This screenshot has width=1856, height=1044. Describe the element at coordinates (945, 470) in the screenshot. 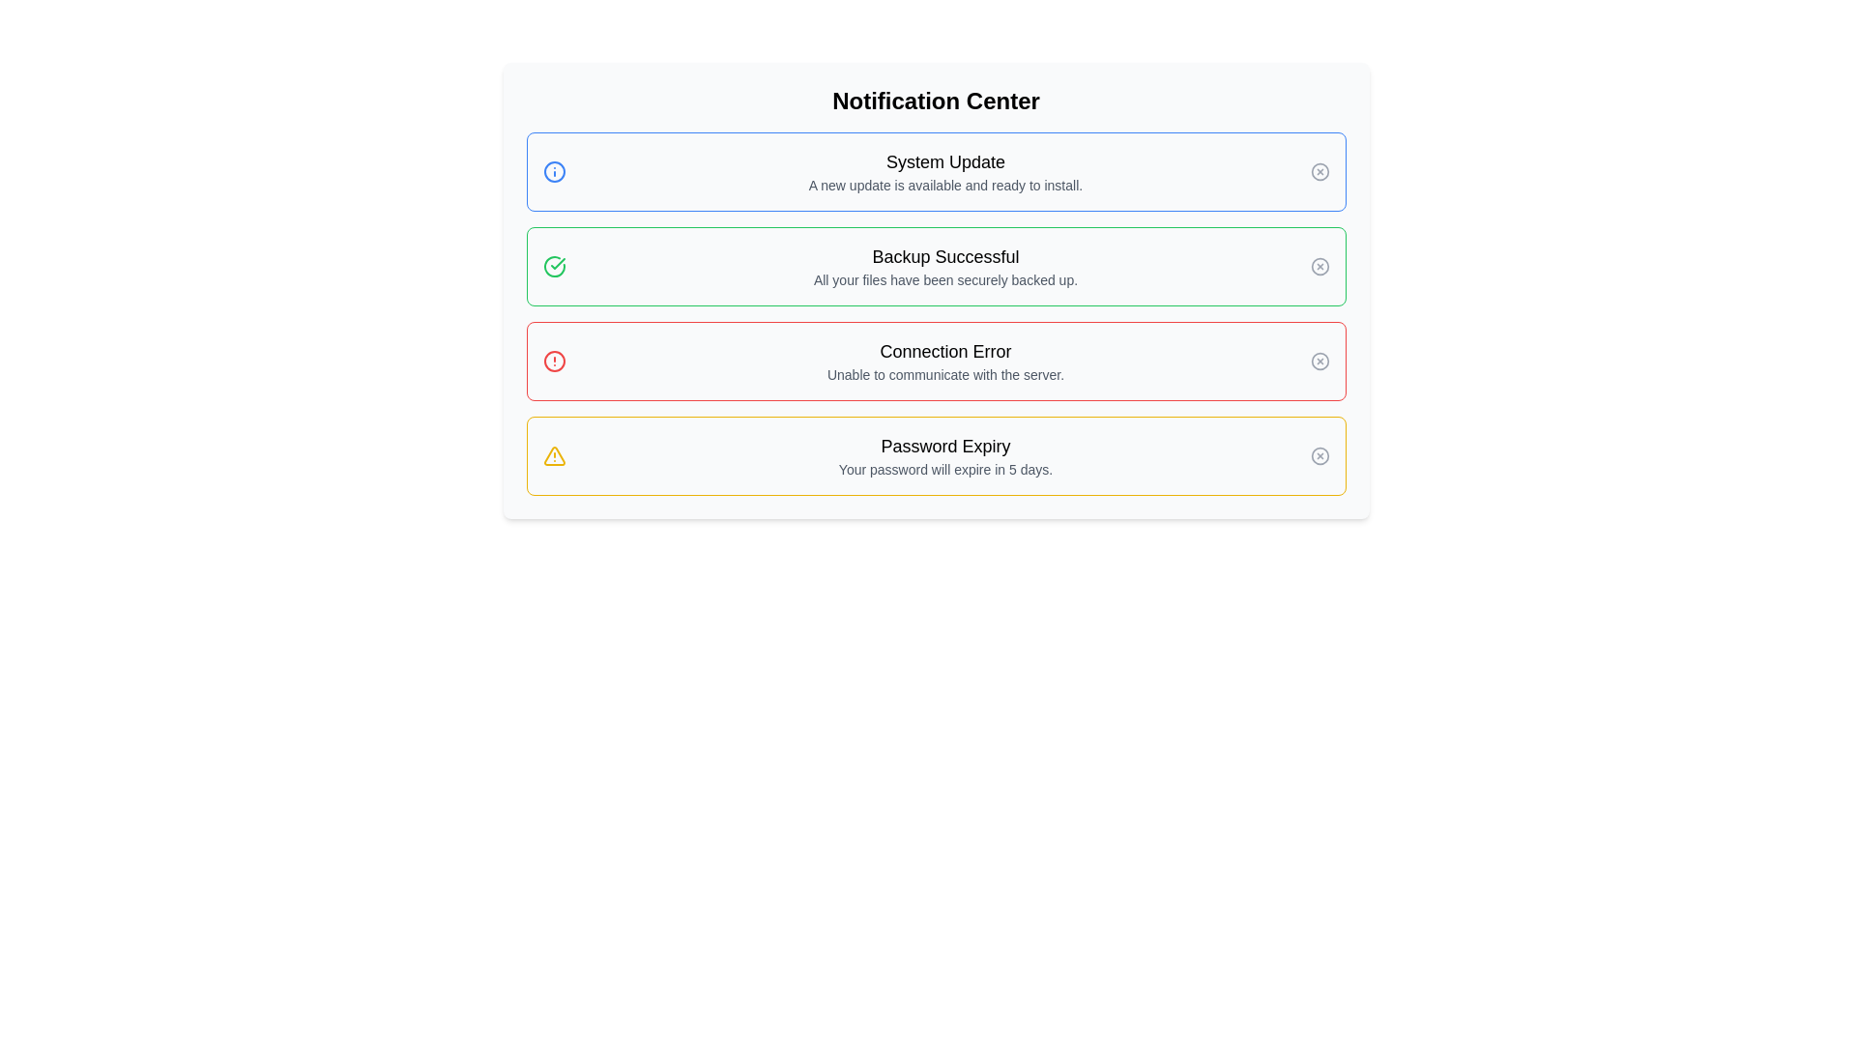

I see `notification message stating 'Your password will expire in 5 days.' located beneath the title 'Password Expiry' in the notification list` at that location.